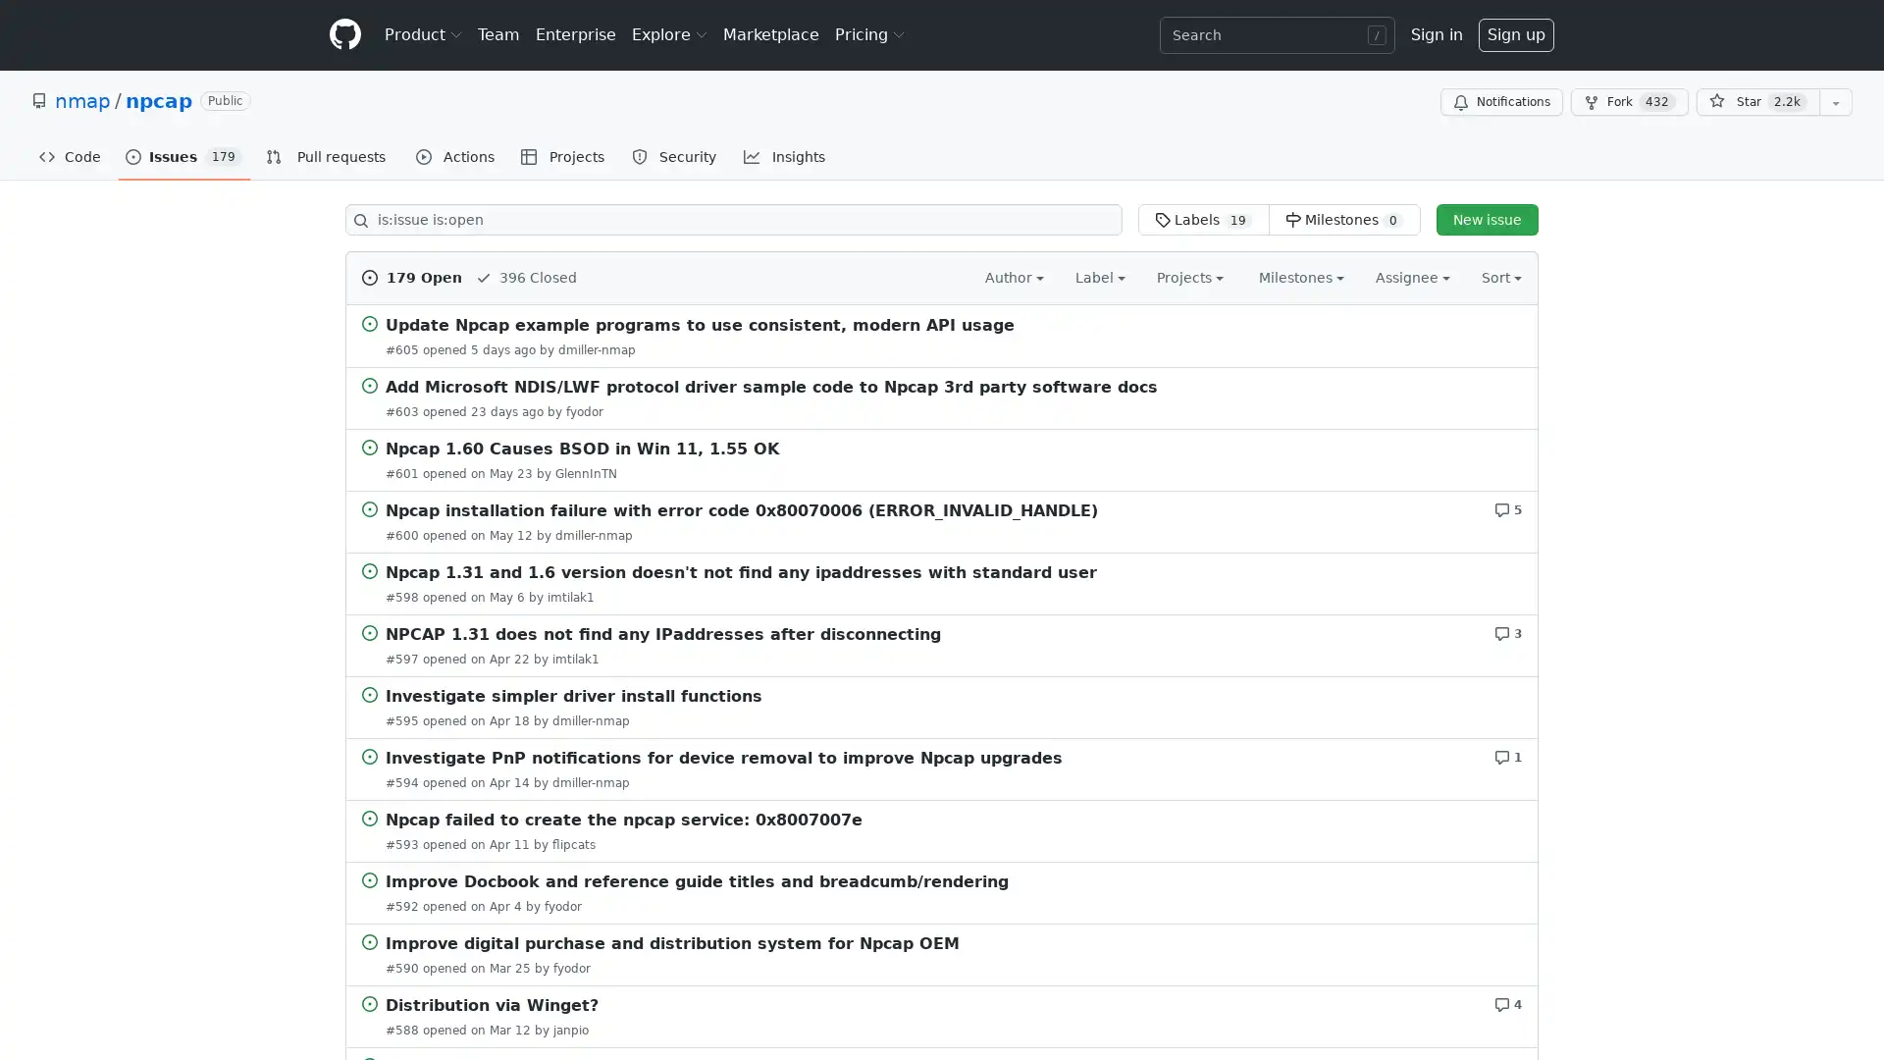  What do you see at coordinates (1835, 102) in the screenshot?
I see `You must be signed in to add this repository to a list` at bounding box center [1835, 102].